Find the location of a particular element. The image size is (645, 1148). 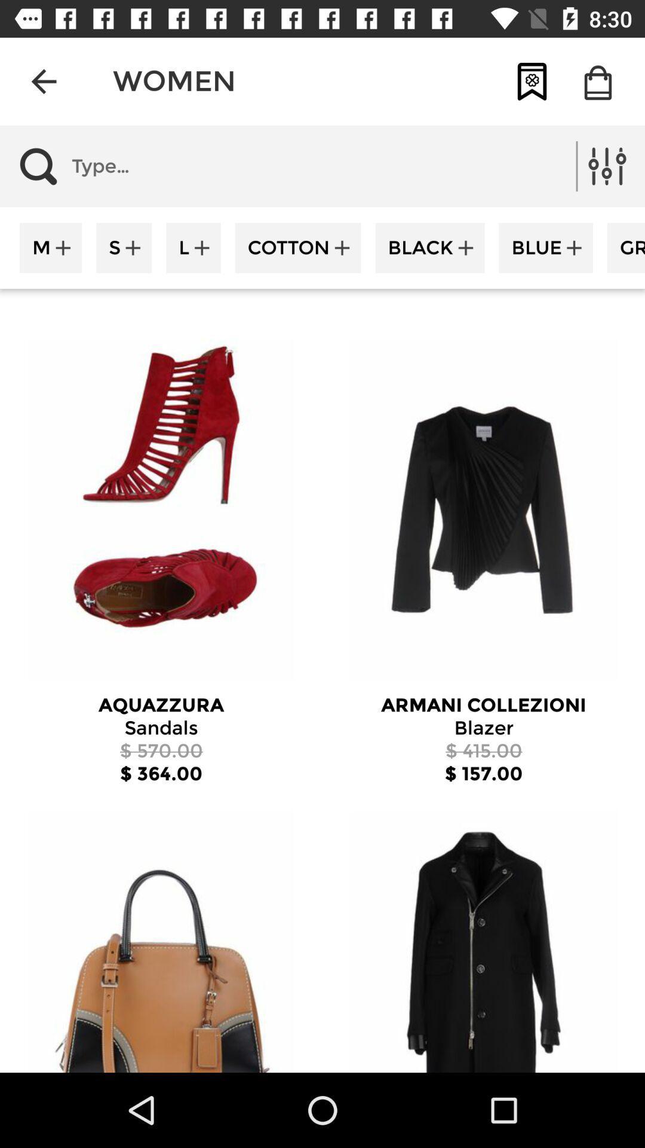

the blue item is located at coordinates (546, 247).